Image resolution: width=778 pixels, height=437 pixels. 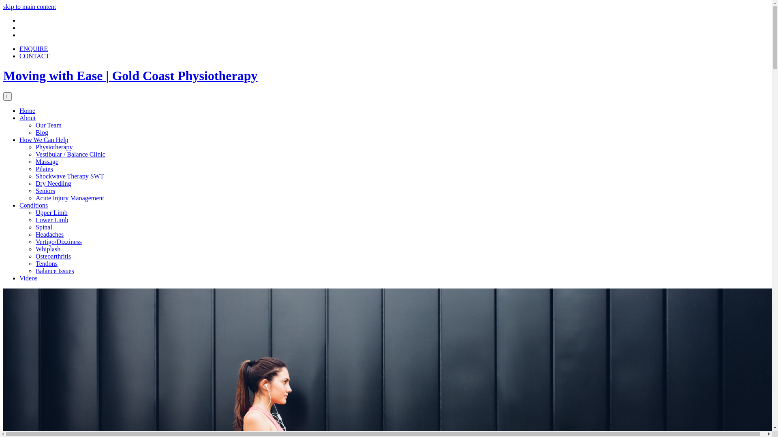 What do you see at coordinates (19, 110) in the screenshot?
I see `'Home'` at bounding box center [19, 110].